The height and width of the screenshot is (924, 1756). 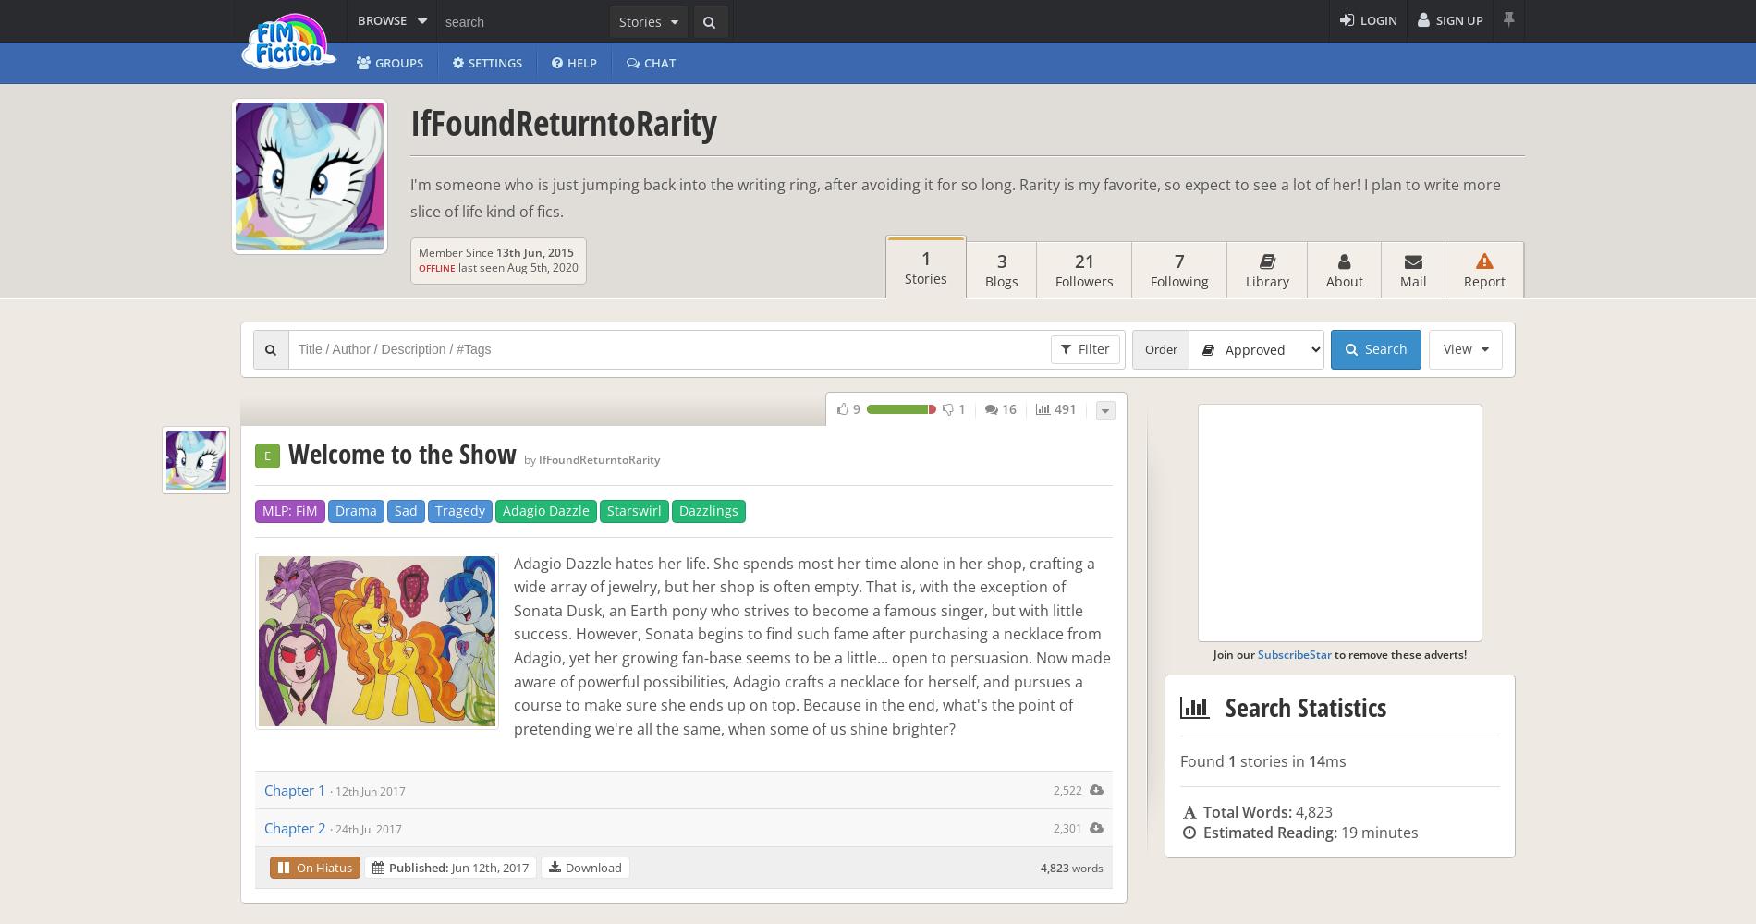 What do you see at coordinates (530, 458) in the screenshot?
I see `'by'` at bounding box center [530, 458].